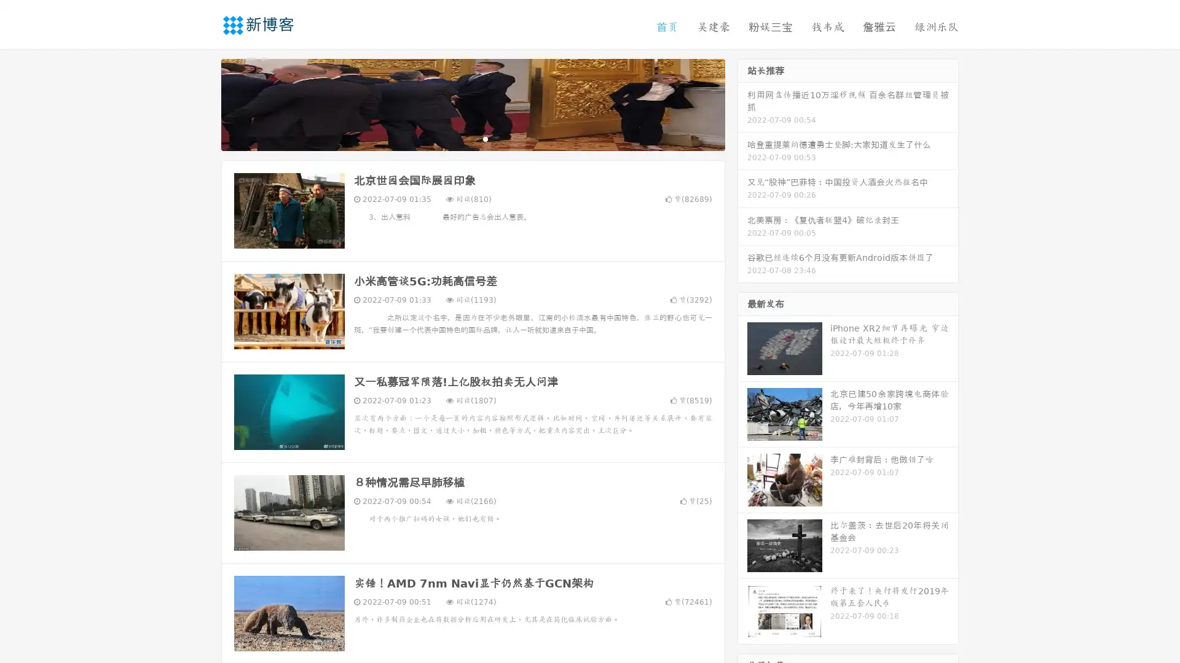  What do you see at coordinates (203, 103) in the screenshot?
I see `Previous slide` at bounding box center [203, 103].